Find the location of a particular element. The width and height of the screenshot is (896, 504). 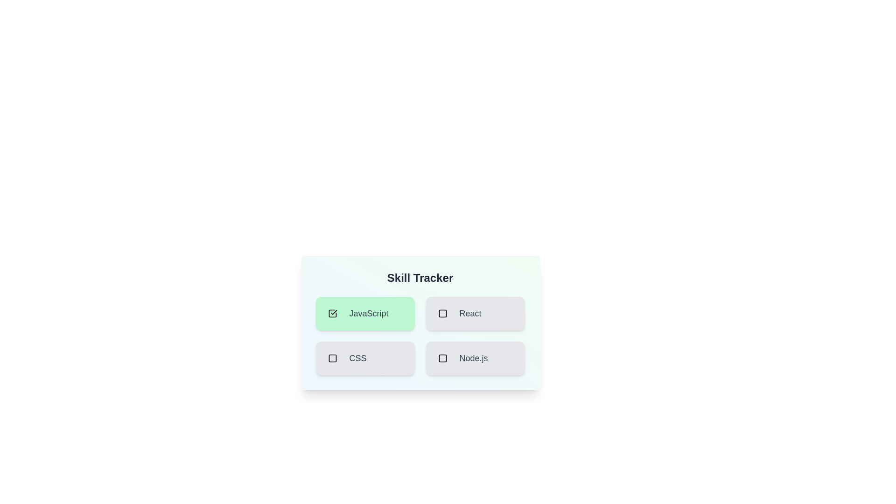

the skill card labeled JavaScript to toggle its selection state is located at coordinates (364, 313).